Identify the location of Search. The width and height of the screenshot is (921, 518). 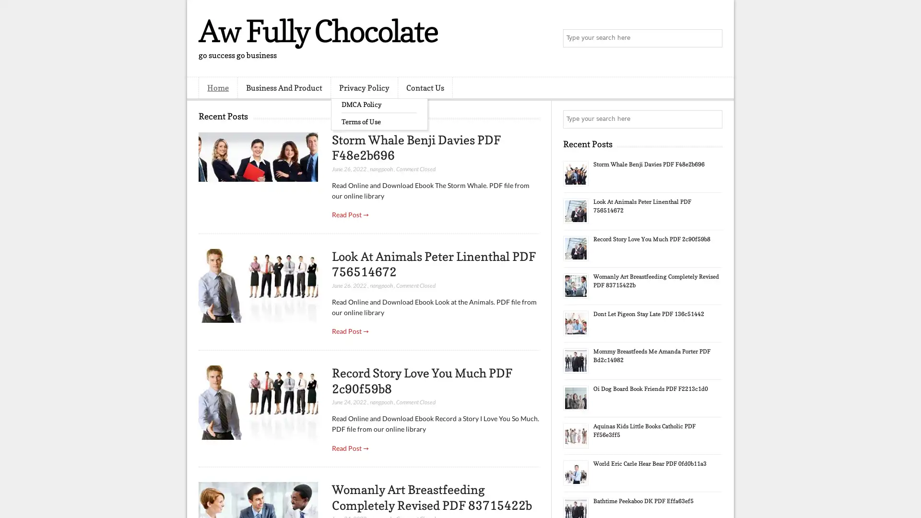
(712, 38).